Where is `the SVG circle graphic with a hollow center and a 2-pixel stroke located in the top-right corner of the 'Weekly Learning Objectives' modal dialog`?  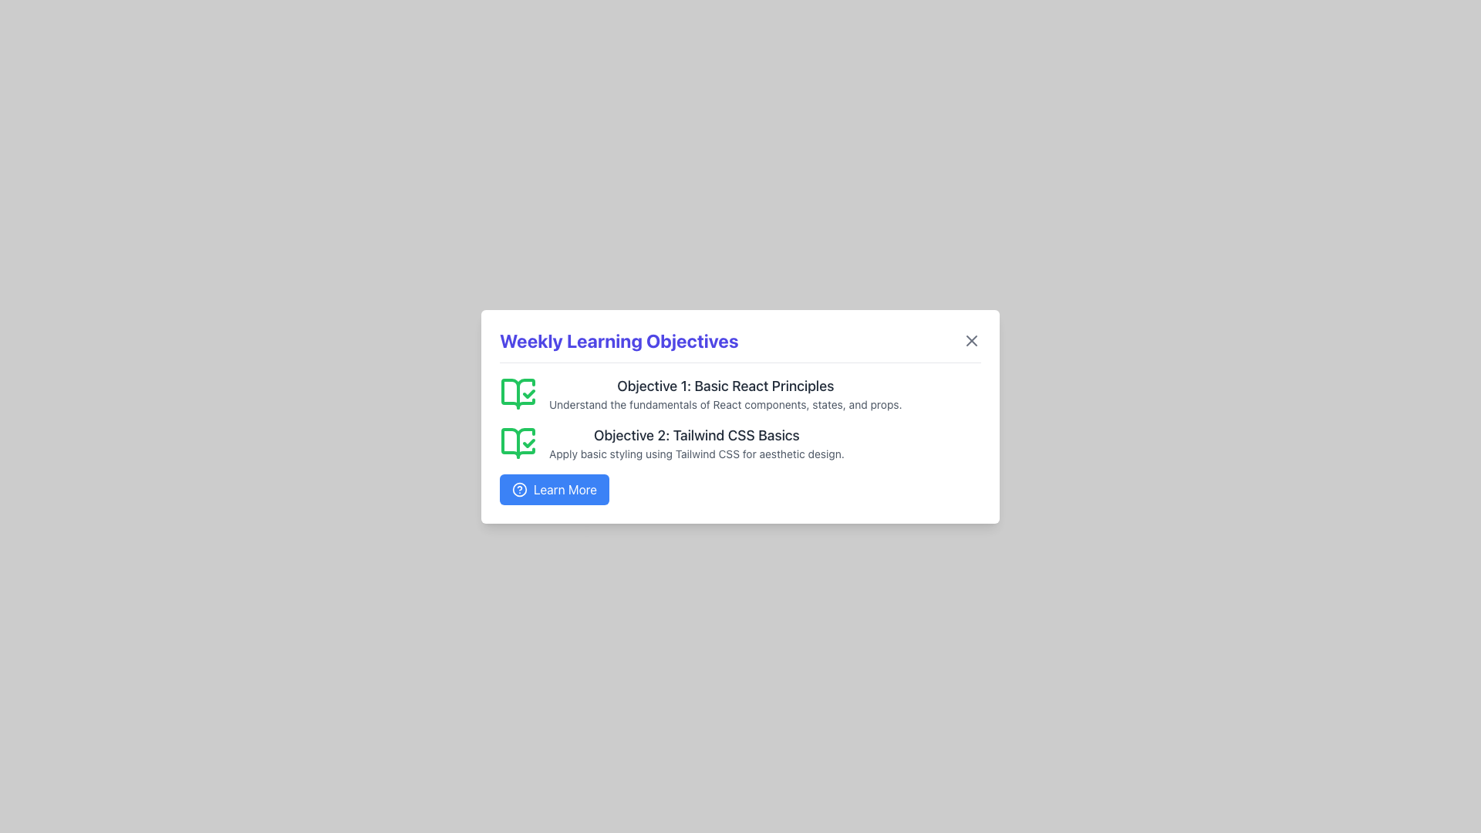 the SVG circle graphic with a hollow center and a 2-pixel stroke located in the top-right corner of the 'Weekly Learning Objectives' modal dialog is located at coordinates (519, 489).